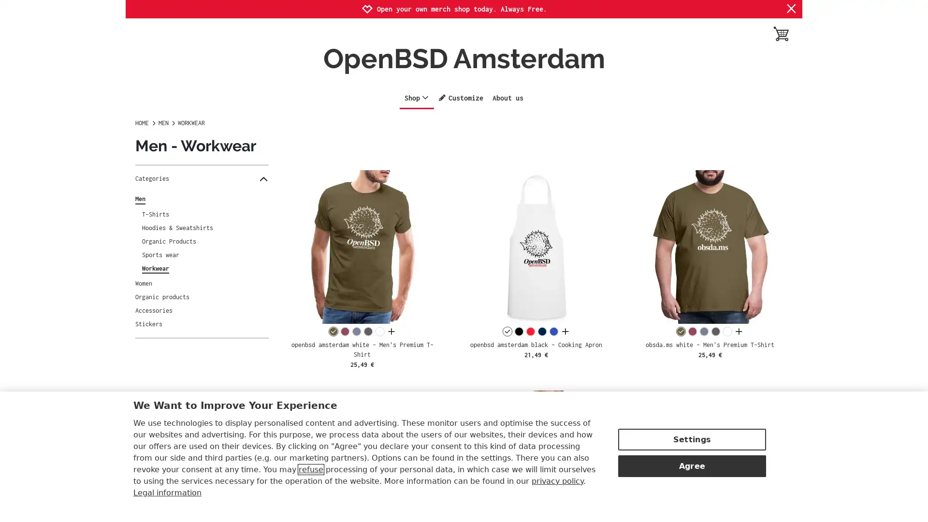  What do you see at coordinates (367, 331) in the screenshot?
I see `charcoal grey` at bounding box center [367, 331].